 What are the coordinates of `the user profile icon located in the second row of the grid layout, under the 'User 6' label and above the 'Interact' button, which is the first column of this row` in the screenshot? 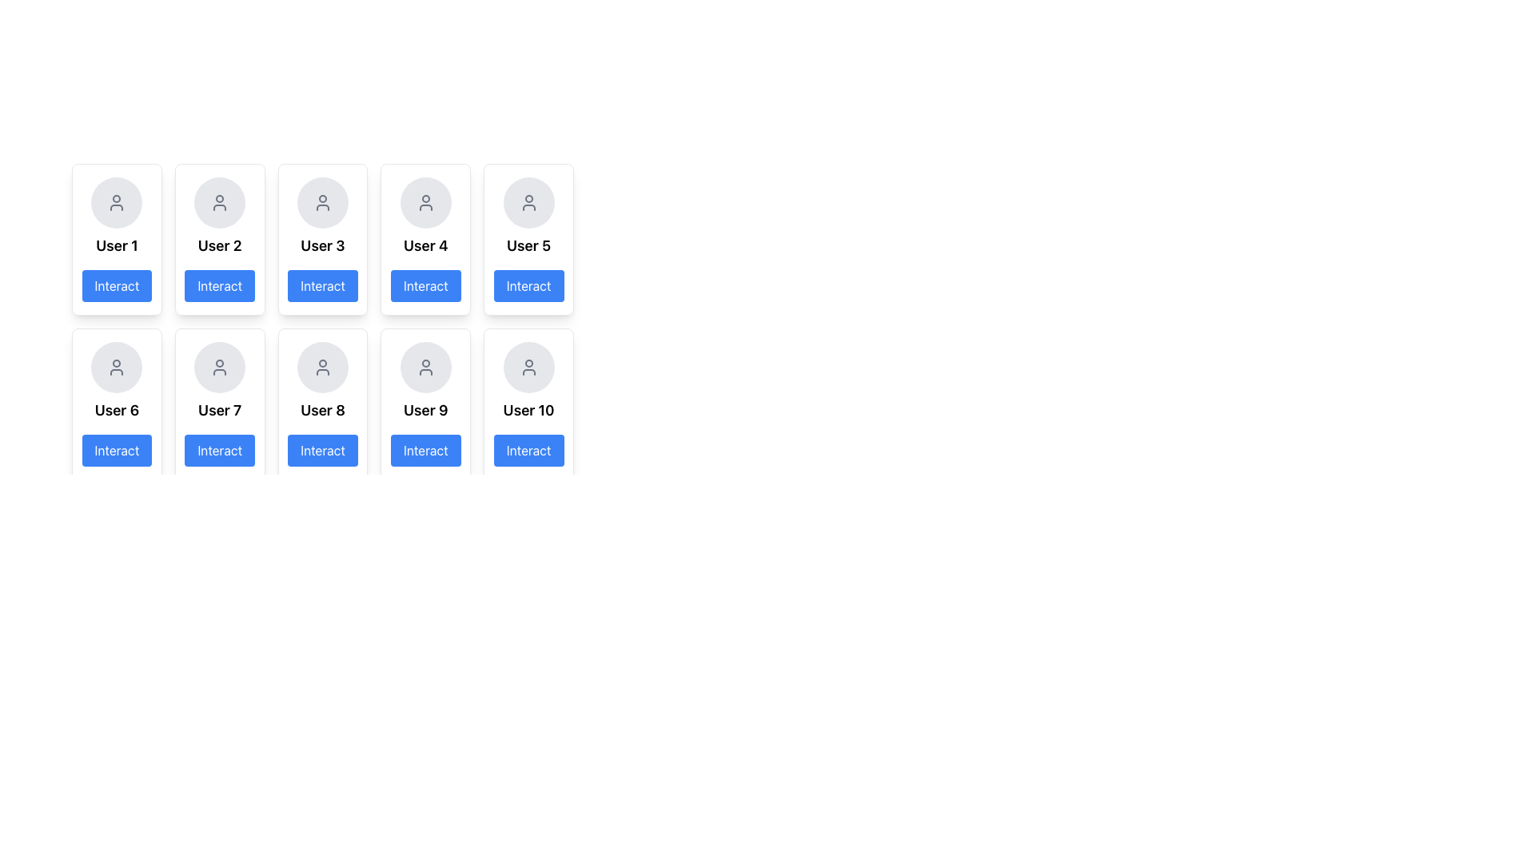 It's located at (116, 367).